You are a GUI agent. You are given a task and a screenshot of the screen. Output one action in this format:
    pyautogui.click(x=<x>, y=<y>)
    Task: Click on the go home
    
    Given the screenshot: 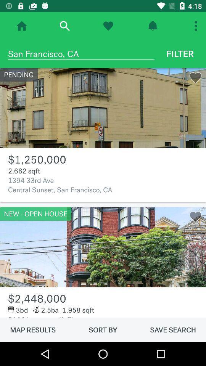 What is the action you would take?
    pyautogui.click(x=22, y=26)
    